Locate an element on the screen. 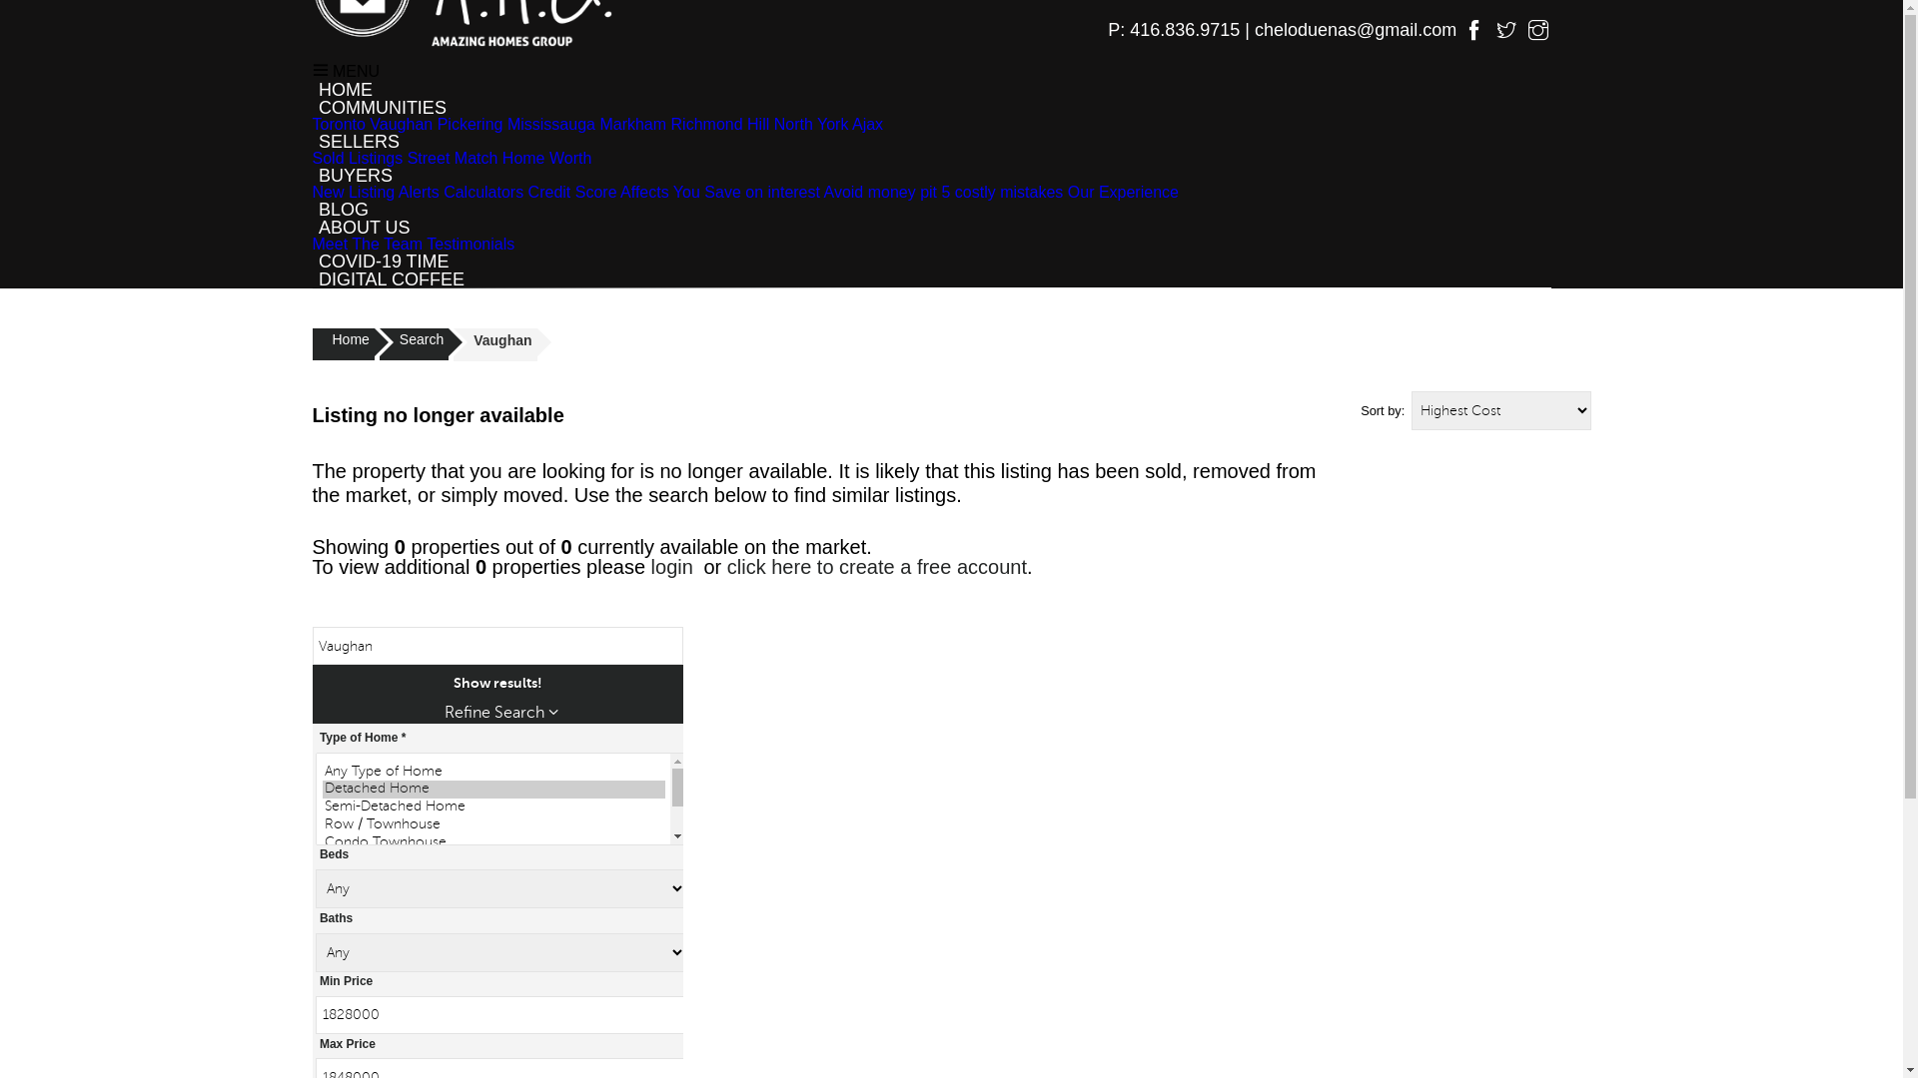  'Home Worth' is located at coordinates (546, 157).